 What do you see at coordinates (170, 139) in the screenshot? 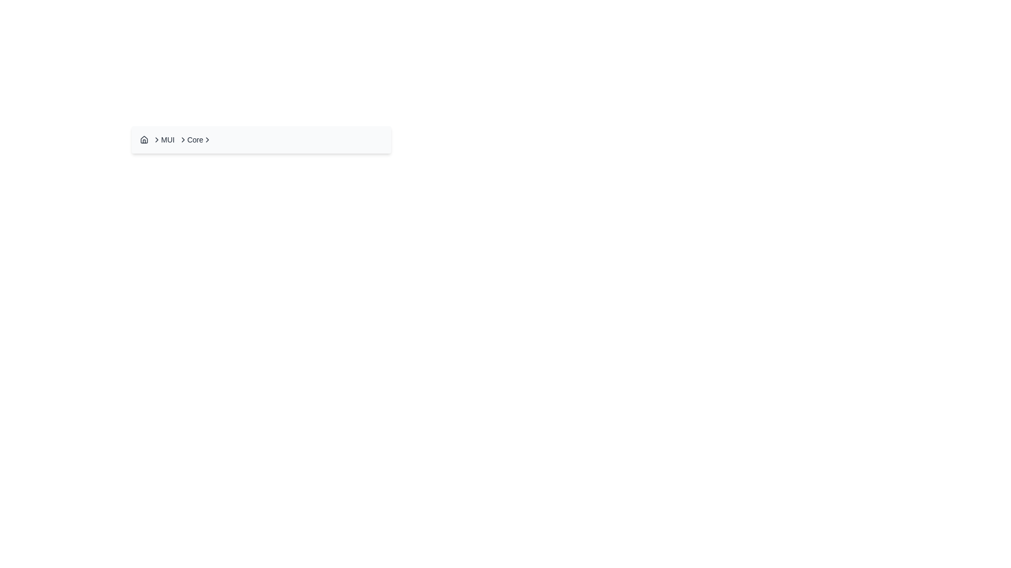
I see `the 'MUI' text label in the breadcrumb navigation` at bounding box center [170, 139].